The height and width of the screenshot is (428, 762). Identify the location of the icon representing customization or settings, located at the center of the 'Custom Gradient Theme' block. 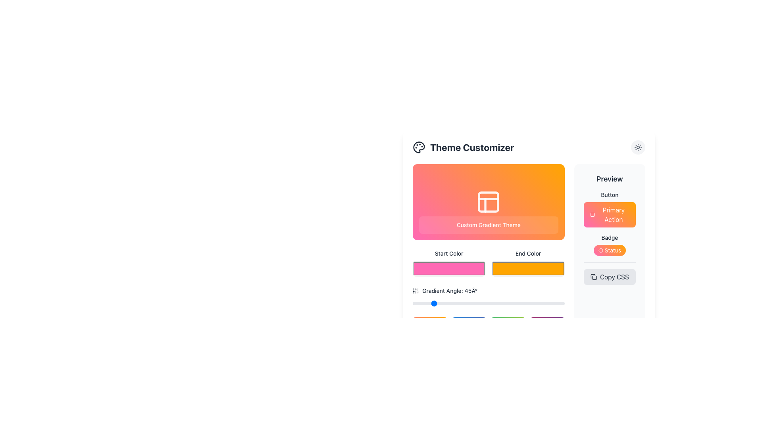
(488, 201).